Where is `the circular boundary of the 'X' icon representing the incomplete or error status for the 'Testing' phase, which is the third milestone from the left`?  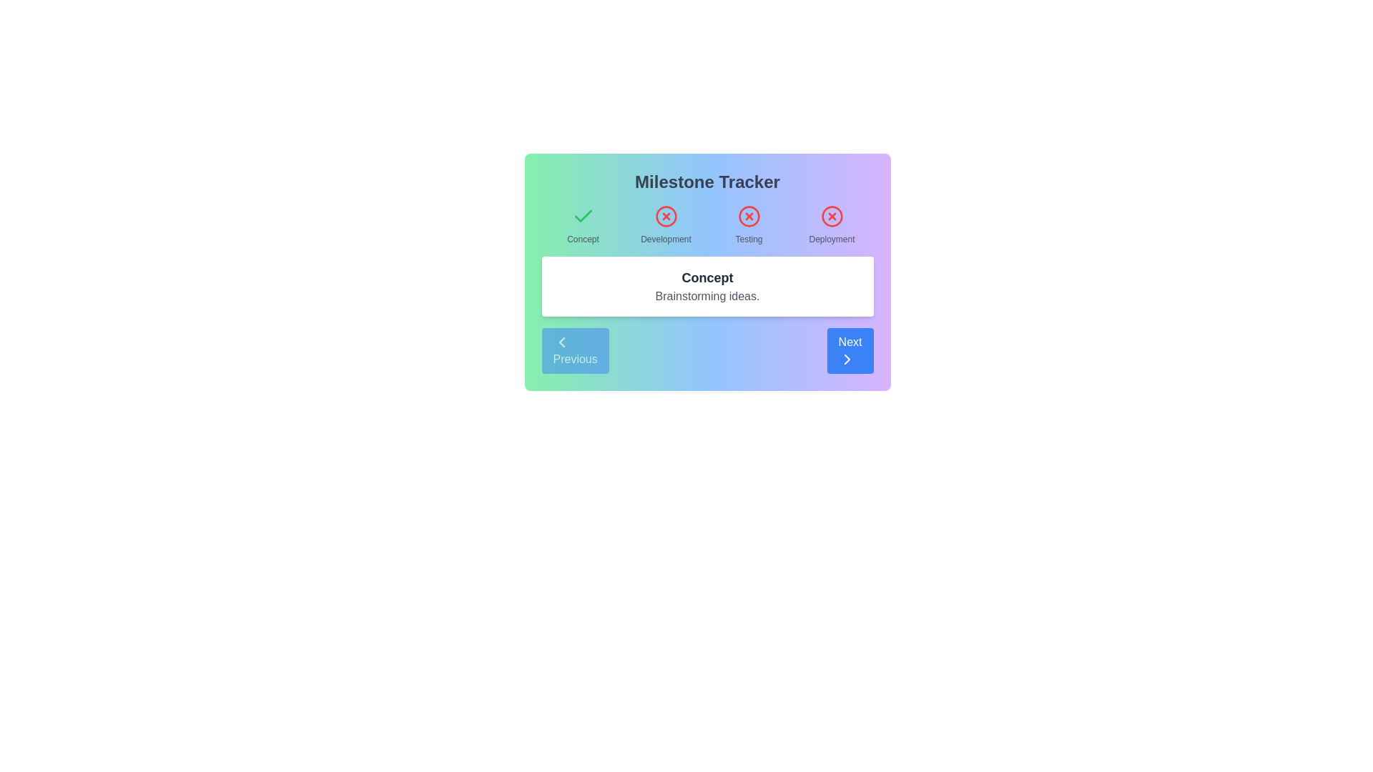 the circular boundary of the 'X' icon representing the incomplete or error status for the 'Testing' phase, which is the third milestone from the left is located at coordinates (748, 217).